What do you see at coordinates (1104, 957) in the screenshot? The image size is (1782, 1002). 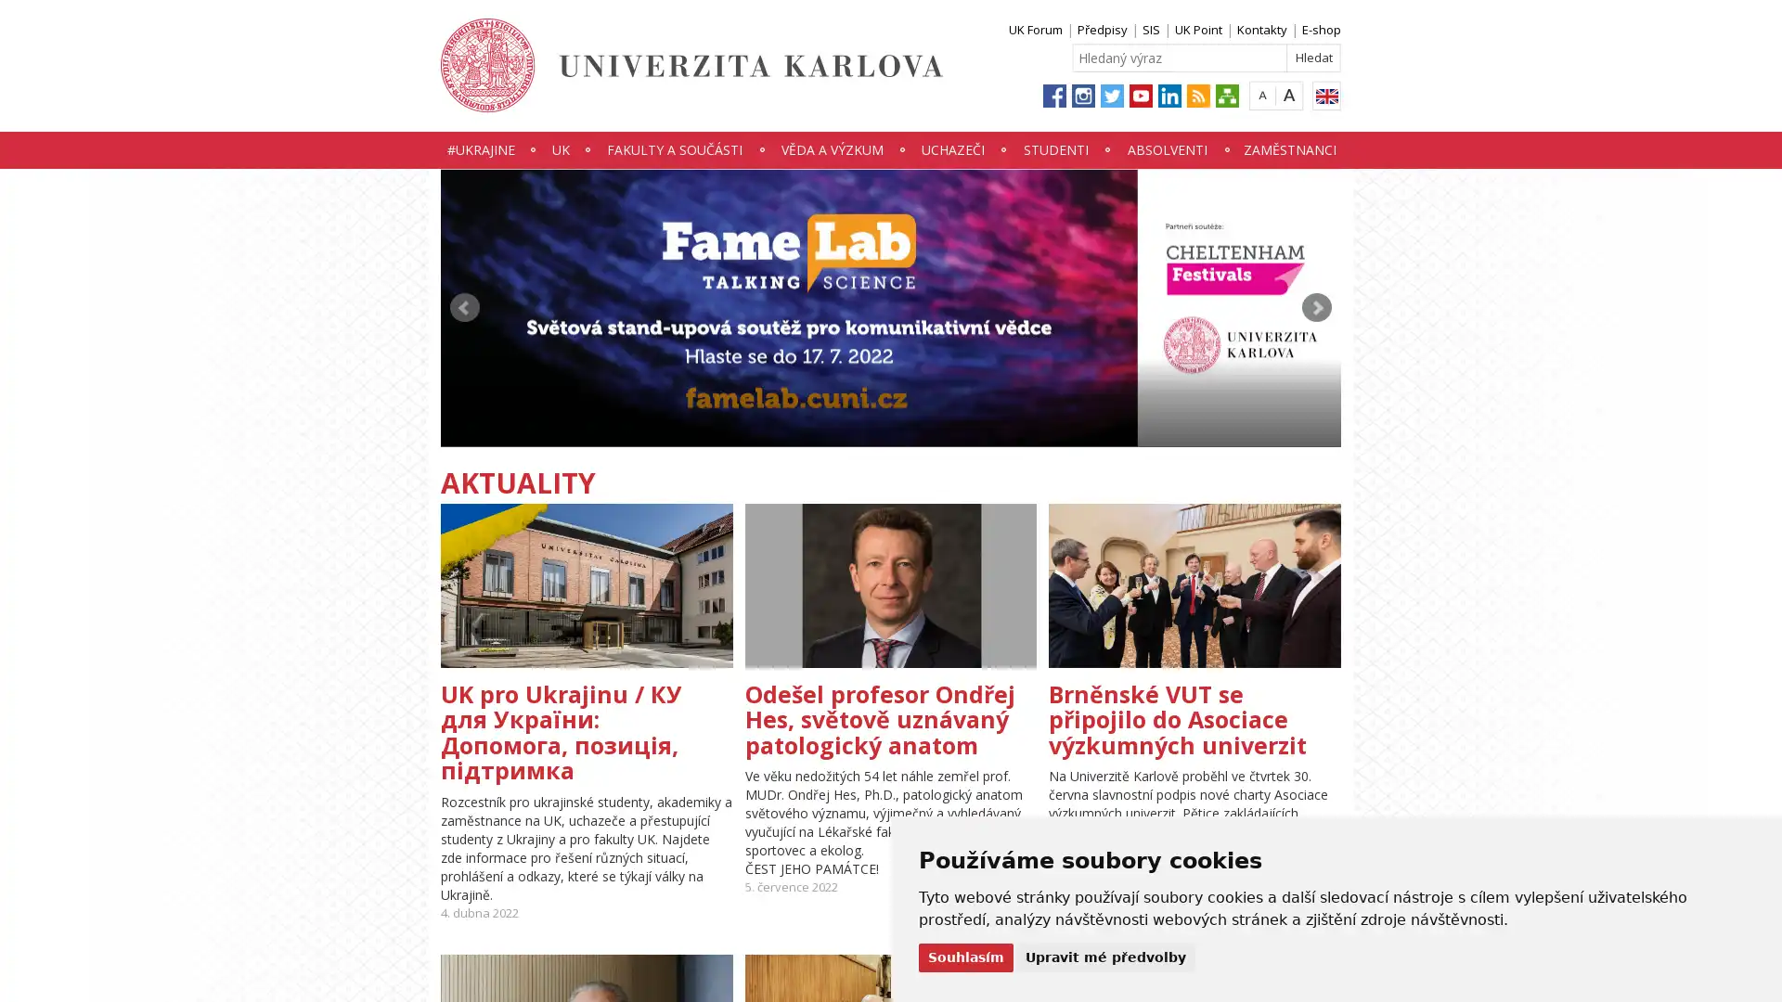 I see `Upravit me predvolby` at bounding box center [1104, 957].